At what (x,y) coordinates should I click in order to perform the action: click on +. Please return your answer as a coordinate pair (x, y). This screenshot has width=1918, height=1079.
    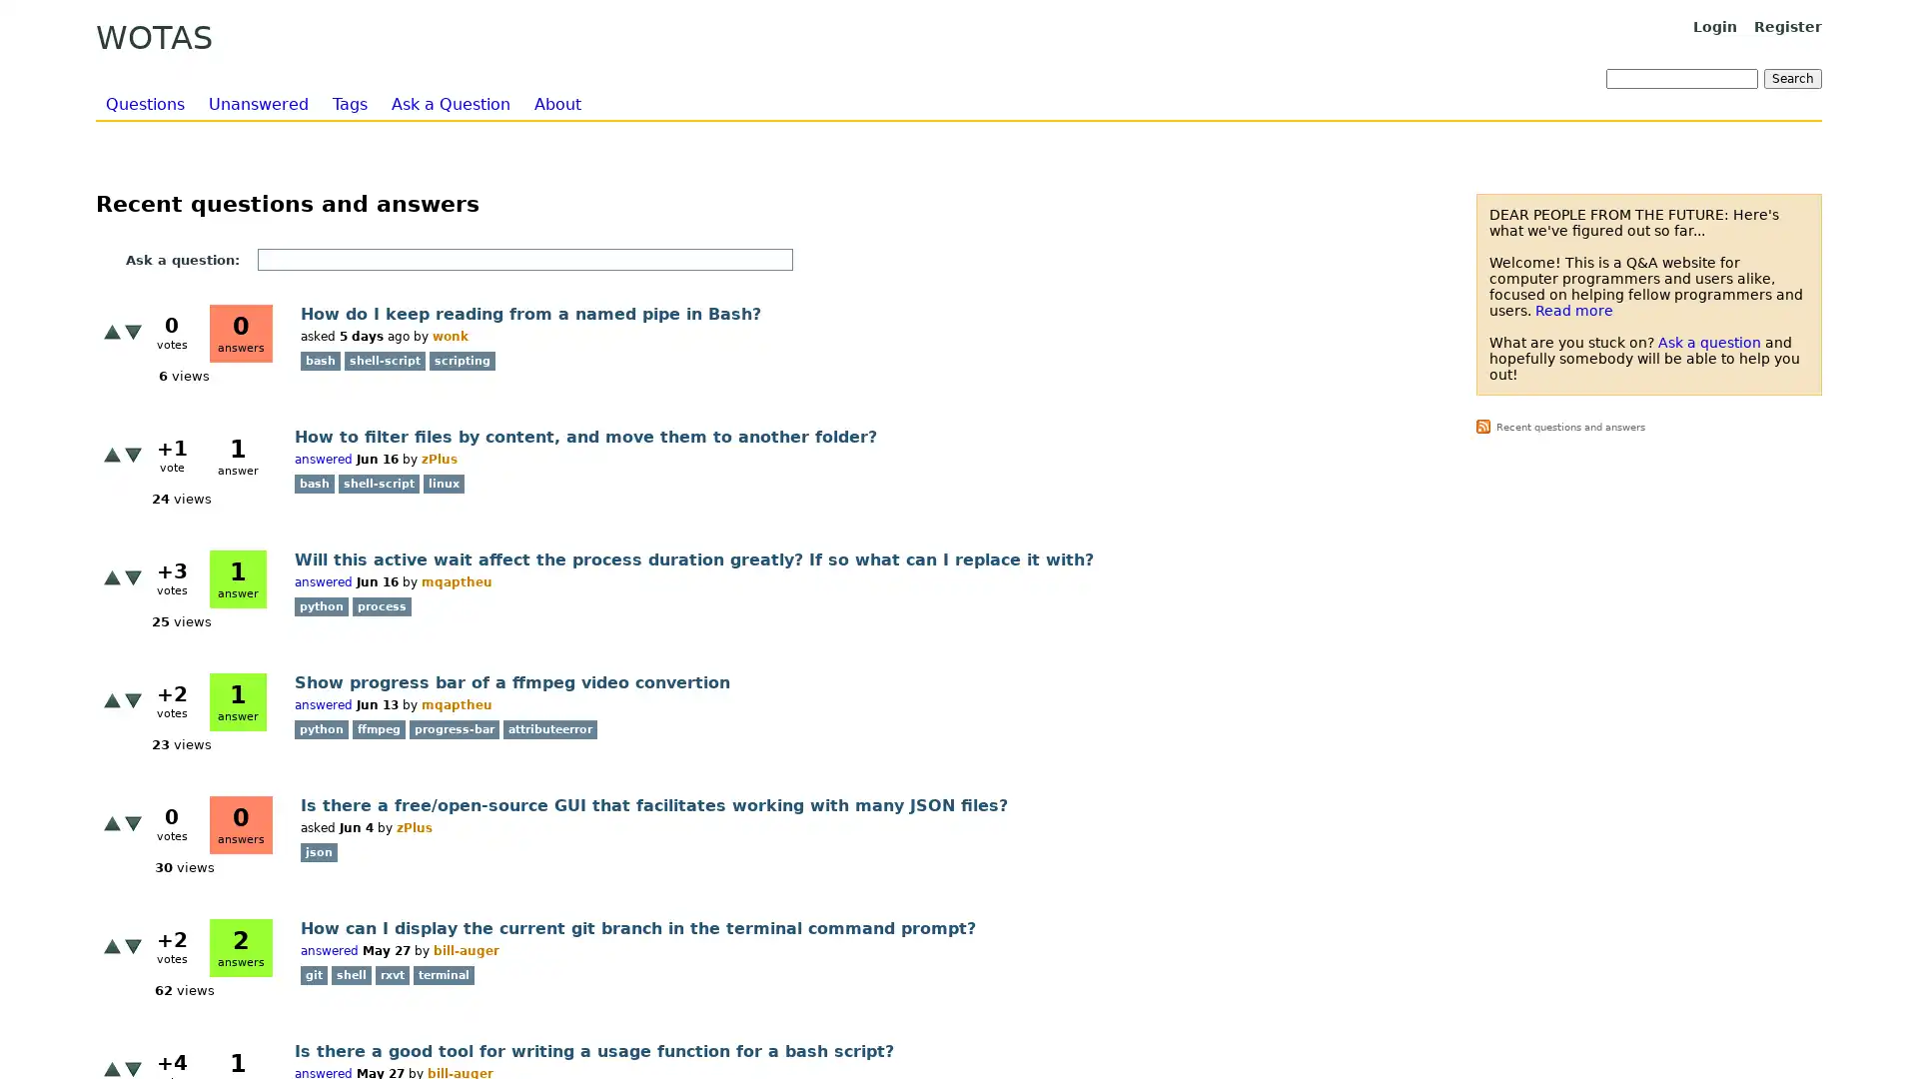
    Looking at the image, I should click on (111, 1068).